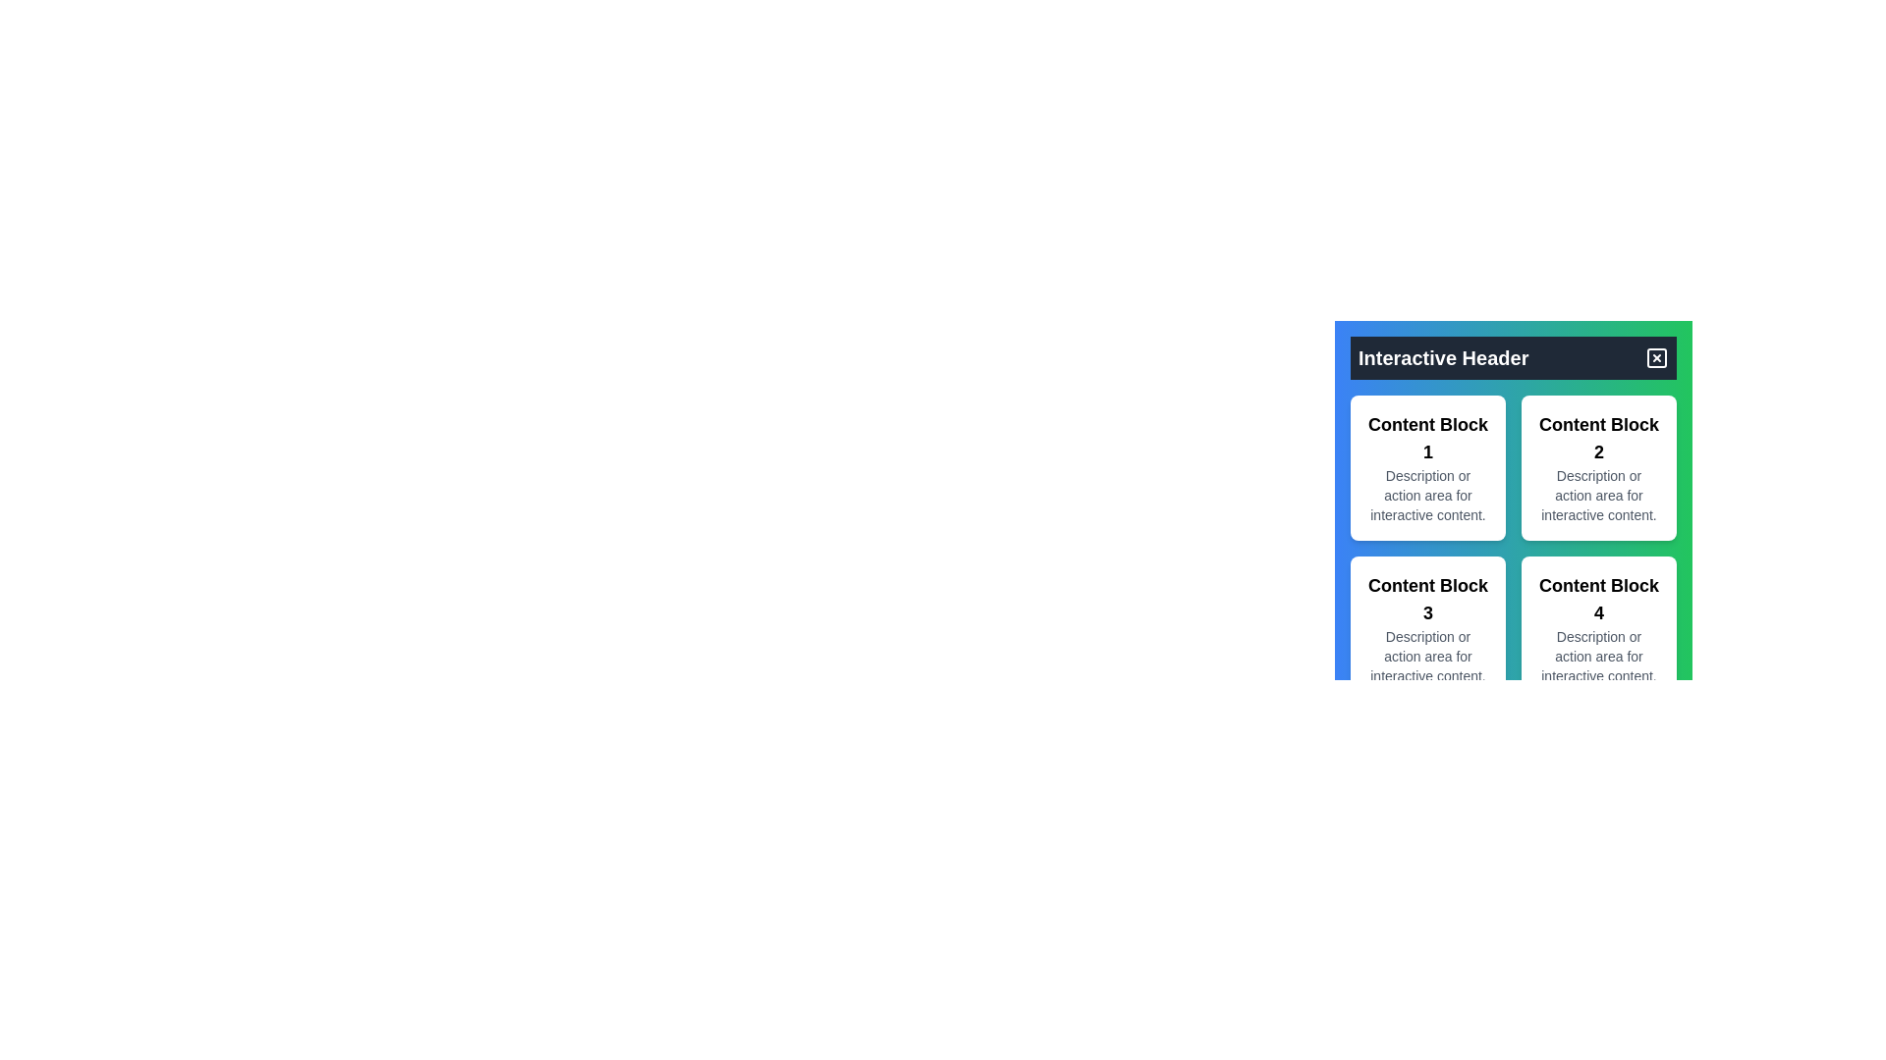  What do you see at coordinates (1428, 495) in the screenshot?
I see `text block containing 'Description or action area for interactive content.' which is positioned under the heading 'Content Block 1' within a white card` at bounding box center [1428, 495].